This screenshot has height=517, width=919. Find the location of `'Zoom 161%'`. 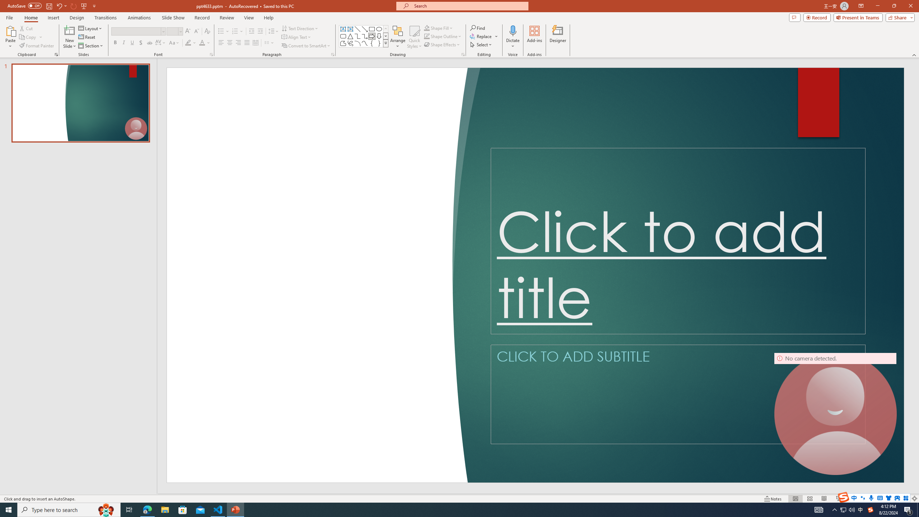

'Zoom 161%' is located at coordinates (903, 499).